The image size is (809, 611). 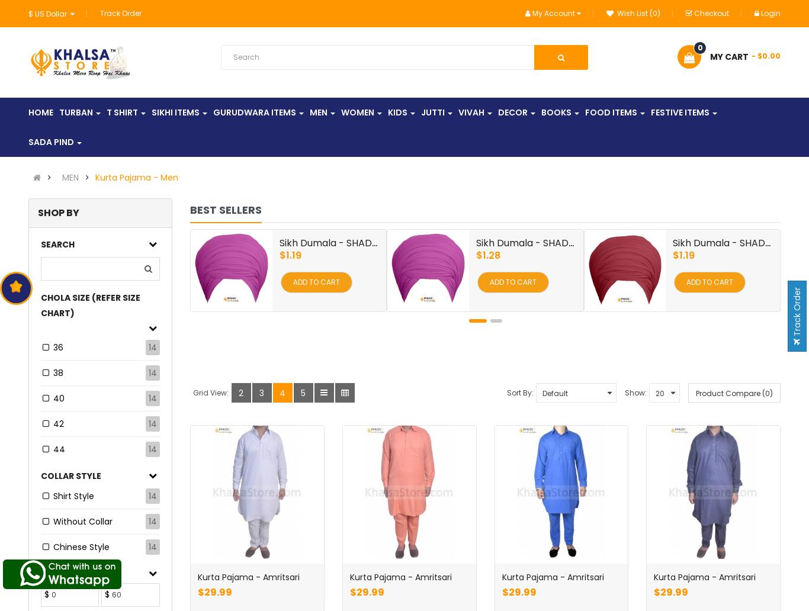 I want to click on '36', so click(x=57, y=348).